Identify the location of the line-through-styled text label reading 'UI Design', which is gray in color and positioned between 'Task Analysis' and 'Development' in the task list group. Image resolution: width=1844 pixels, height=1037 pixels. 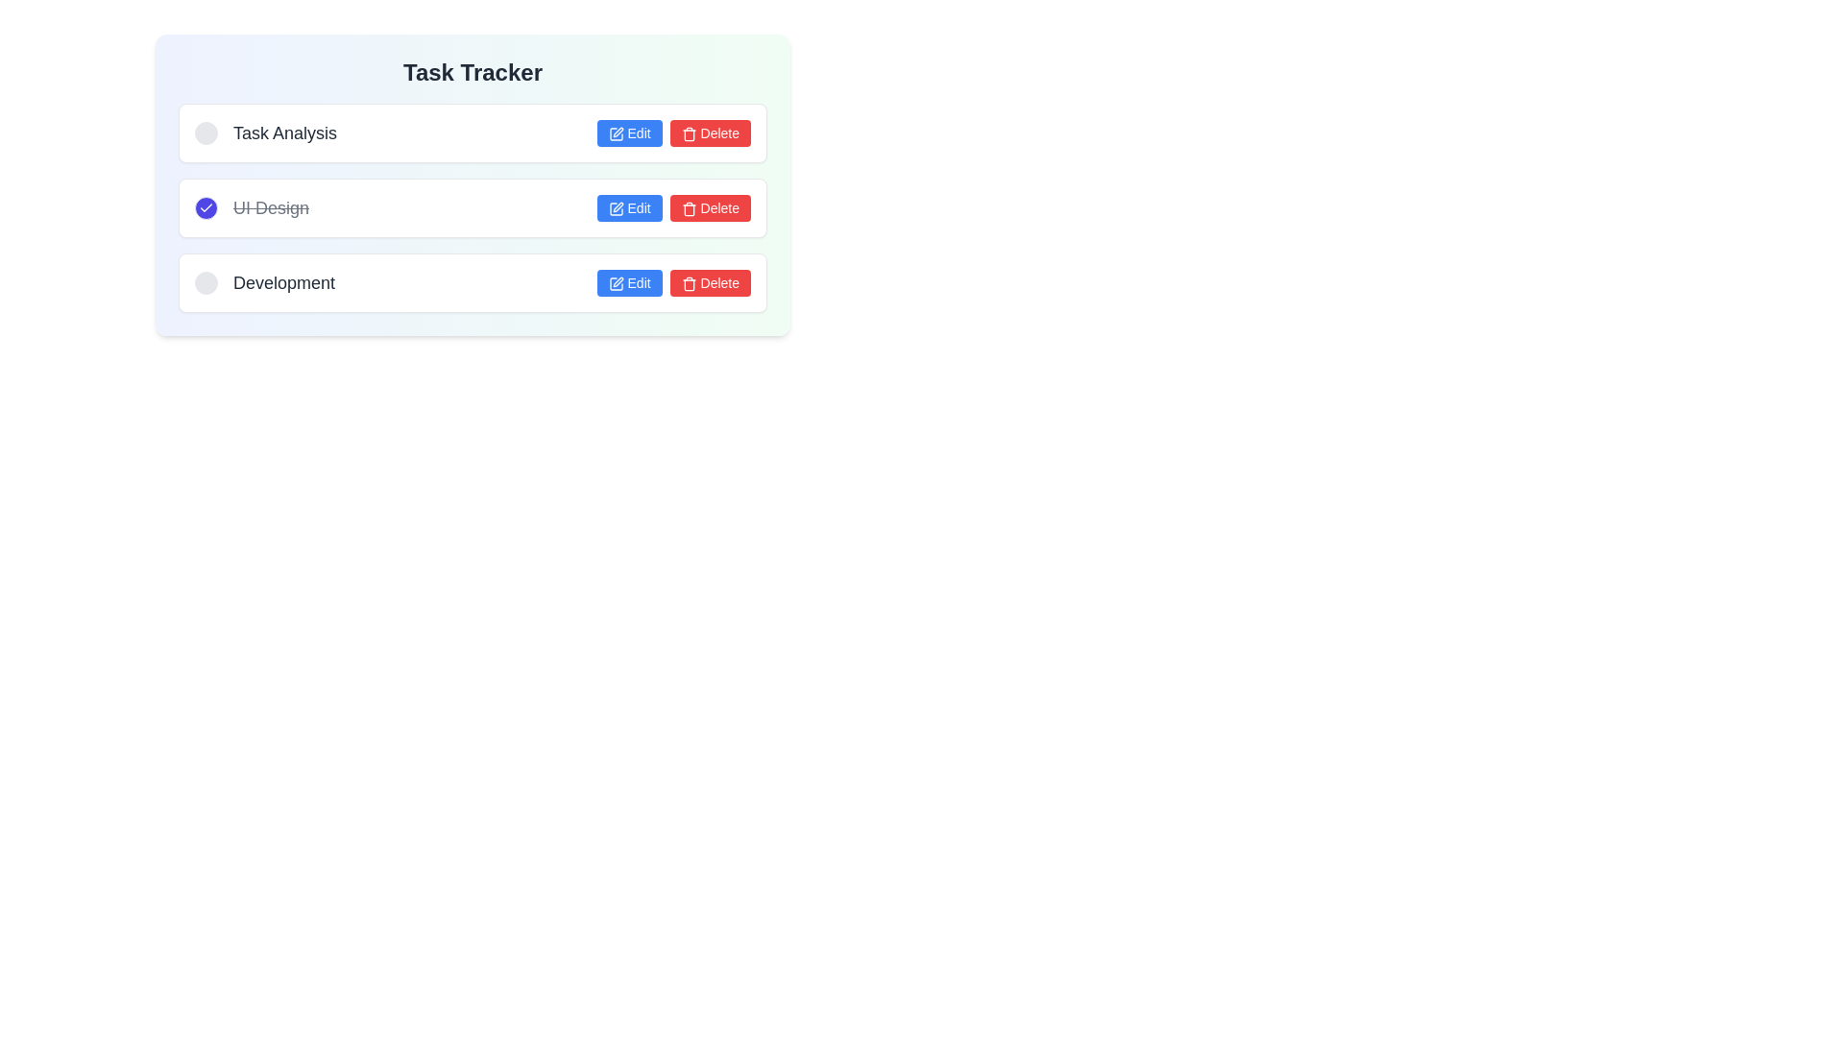
(251, 207).